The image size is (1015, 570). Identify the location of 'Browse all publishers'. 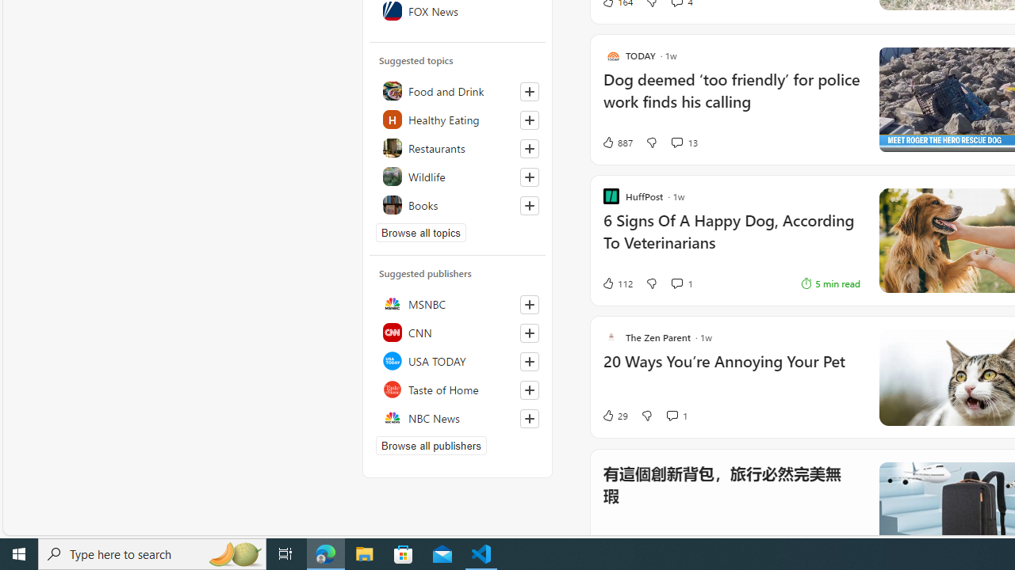
(431, 446).